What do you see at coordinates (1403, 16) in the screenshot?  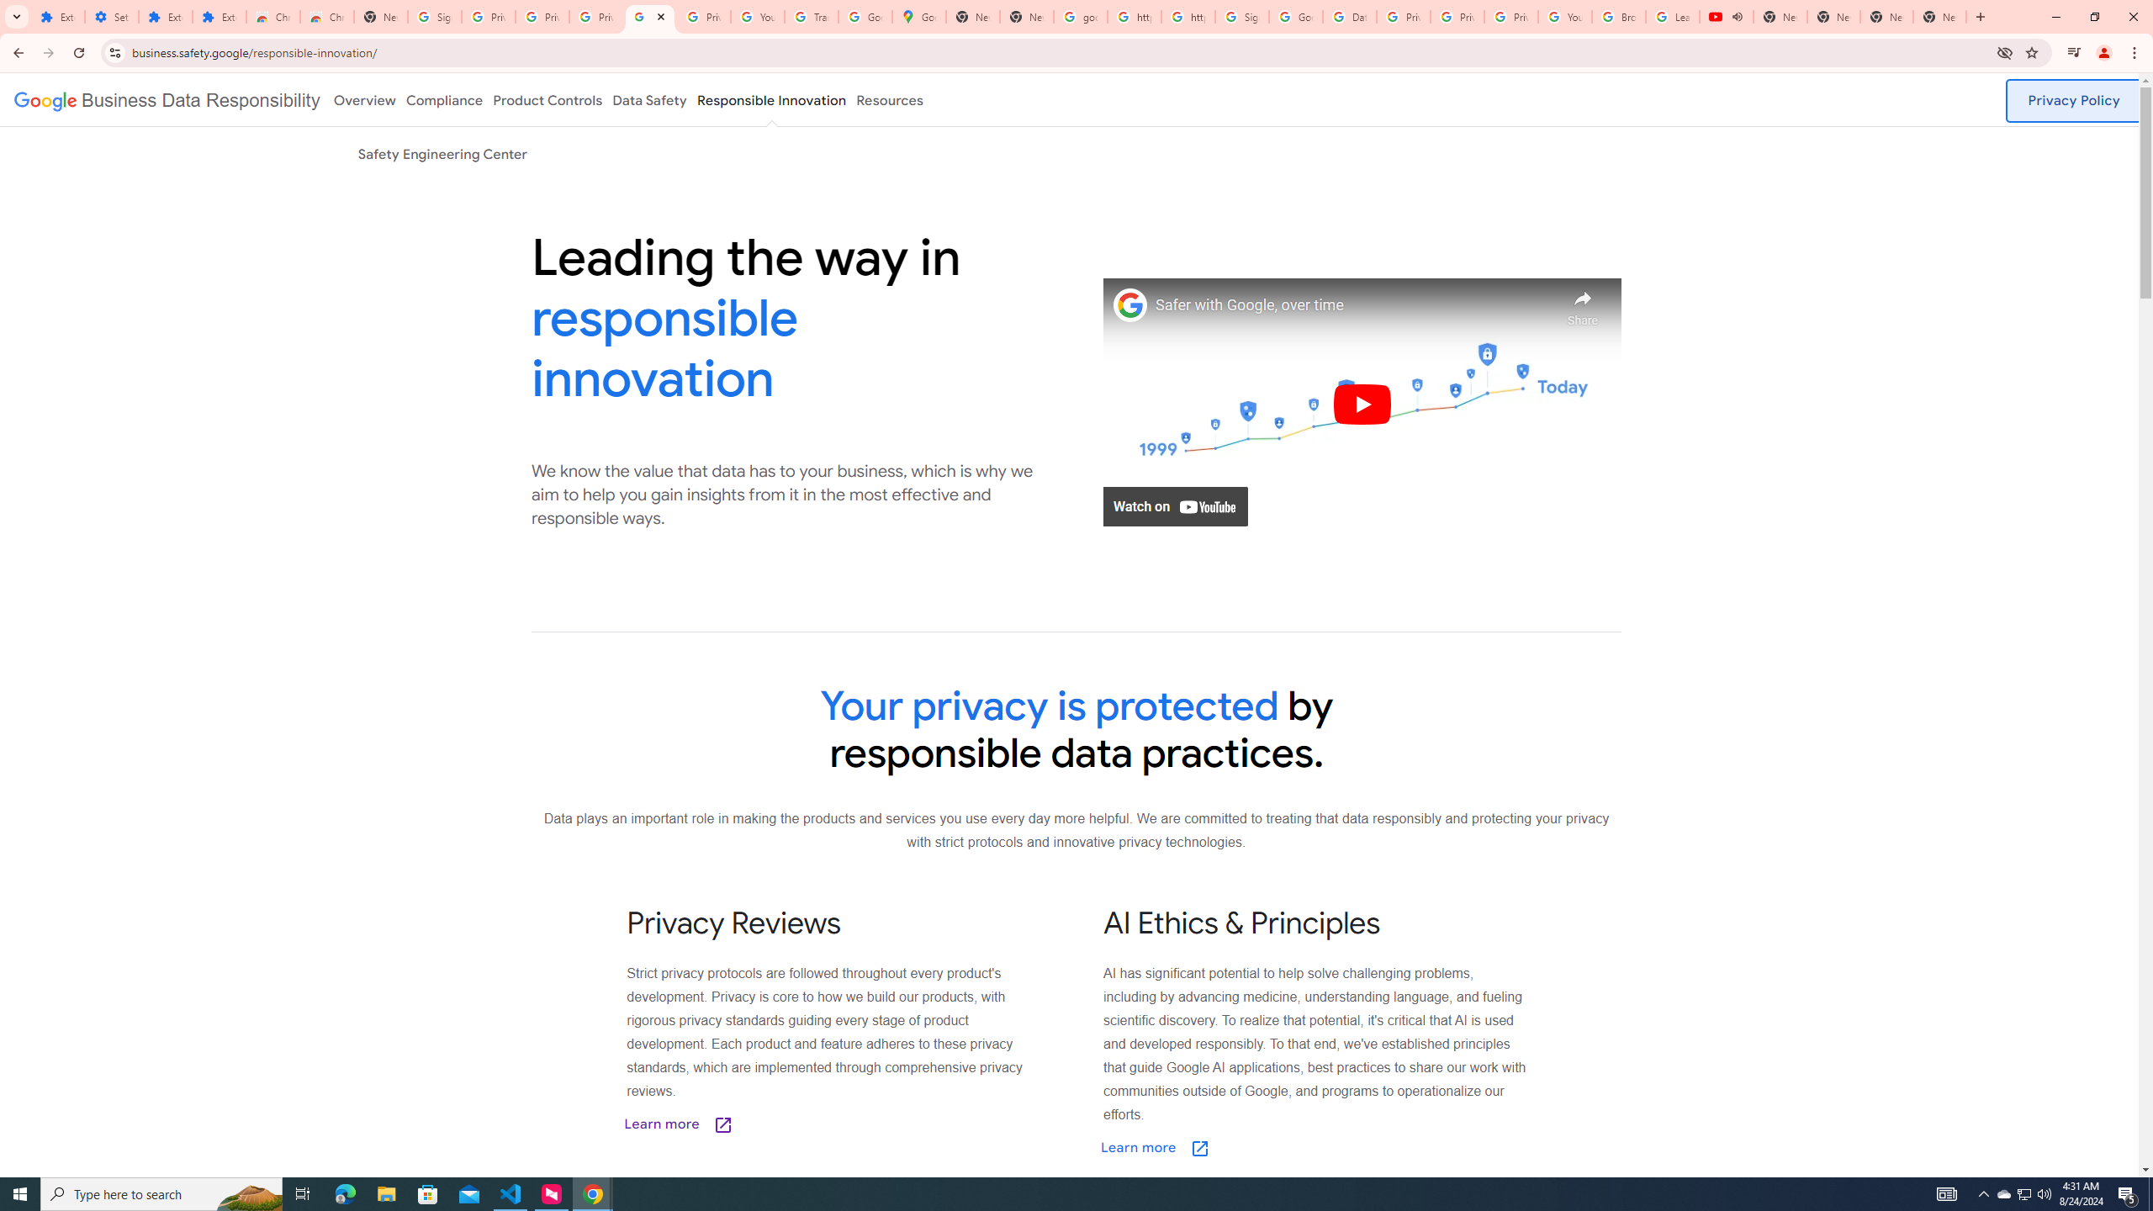 I see `'Privacy Help Center - Policies Help'` at bounding box center [1403, 16].